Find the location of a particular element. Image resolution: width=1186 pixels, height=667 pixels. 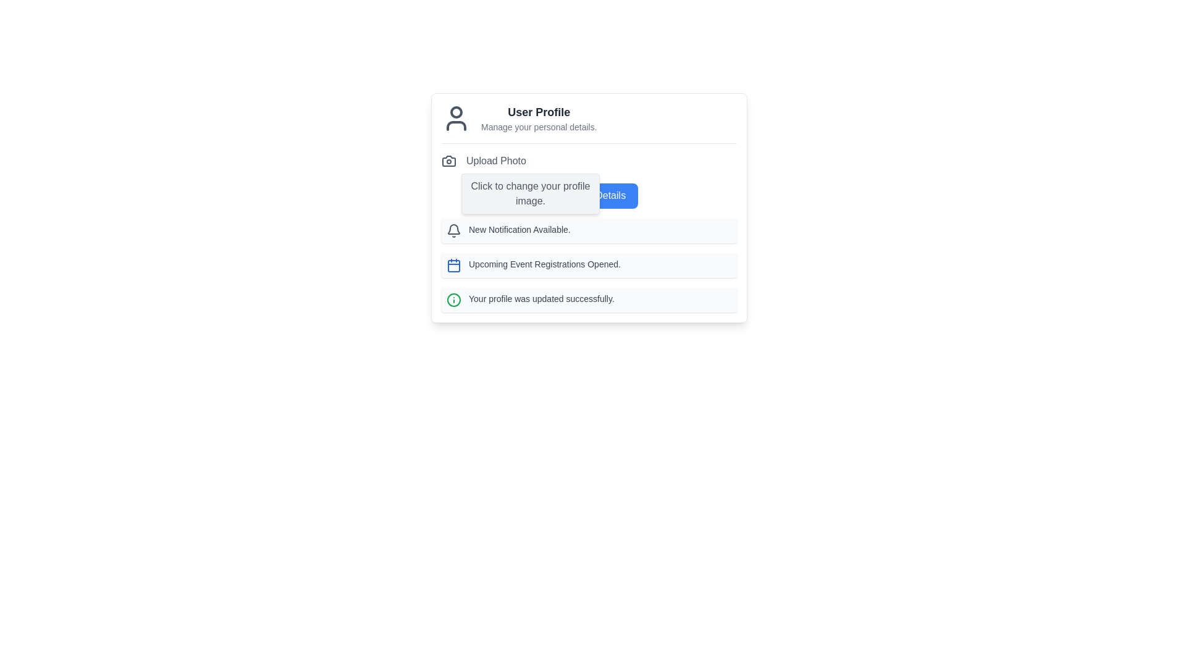

information from the Text Block that serves as a descriptive header for the user profile section, located below the SVG icon and above other profile-related options is located at coordinates (539, 119).